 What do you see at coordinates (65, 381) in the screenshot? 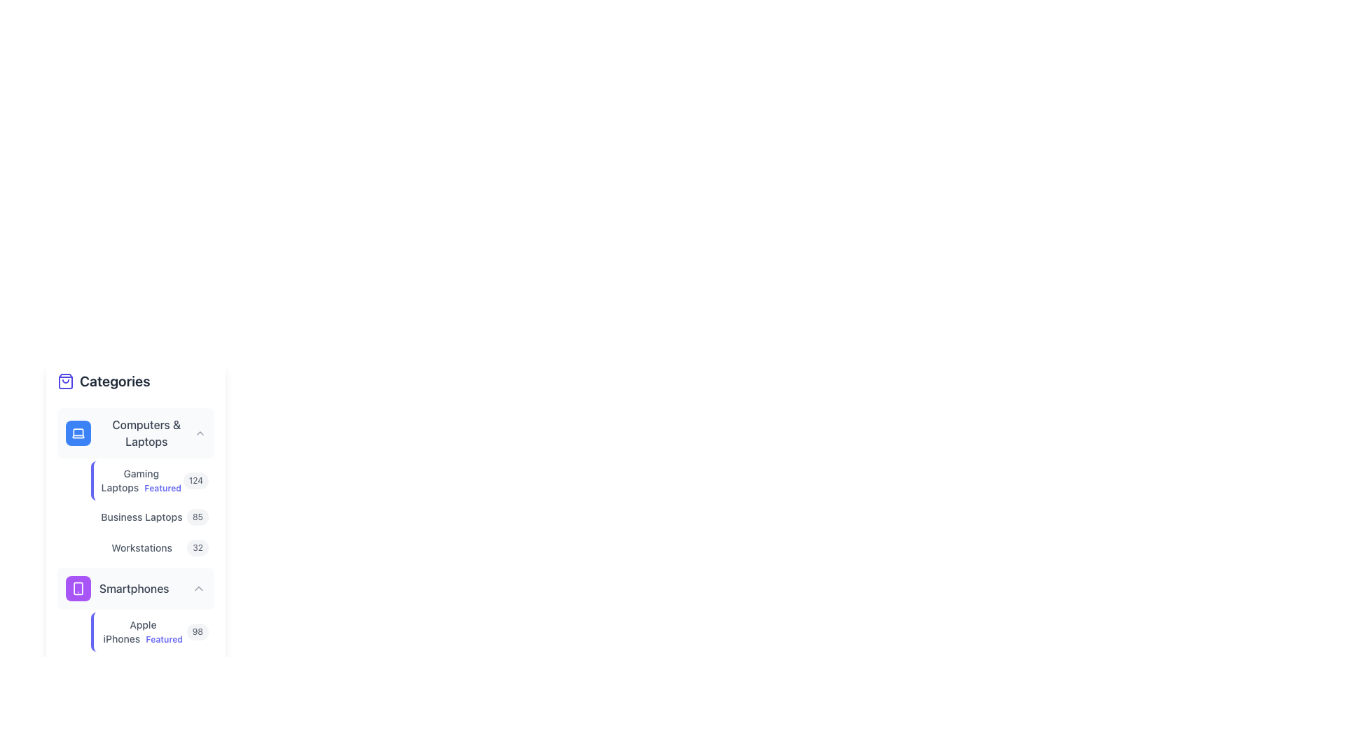
I see `the shopping categories icon located on the left side of the 'Categories' section, which is the first element in a horizontal arrangement, adjacent to the text label 'Categories'` at bounding box center [65, 381].